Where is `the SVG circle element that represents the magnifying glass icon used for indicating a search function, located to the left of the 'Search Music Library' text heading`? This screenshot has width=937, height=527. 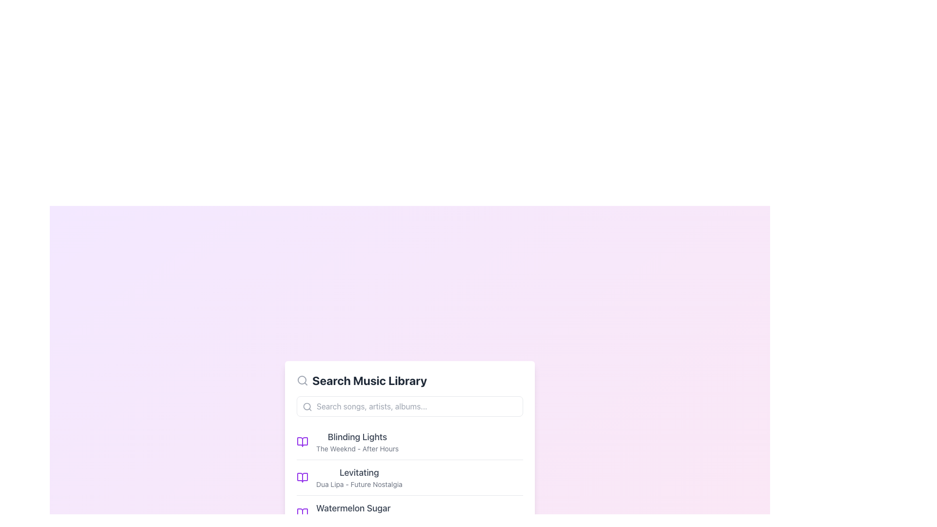 the SVG circle element that represents the magnifying glass icon used for indicating a search function, located to the left of the 'Search Music Library' text heading is located at coordinates (302, 379).